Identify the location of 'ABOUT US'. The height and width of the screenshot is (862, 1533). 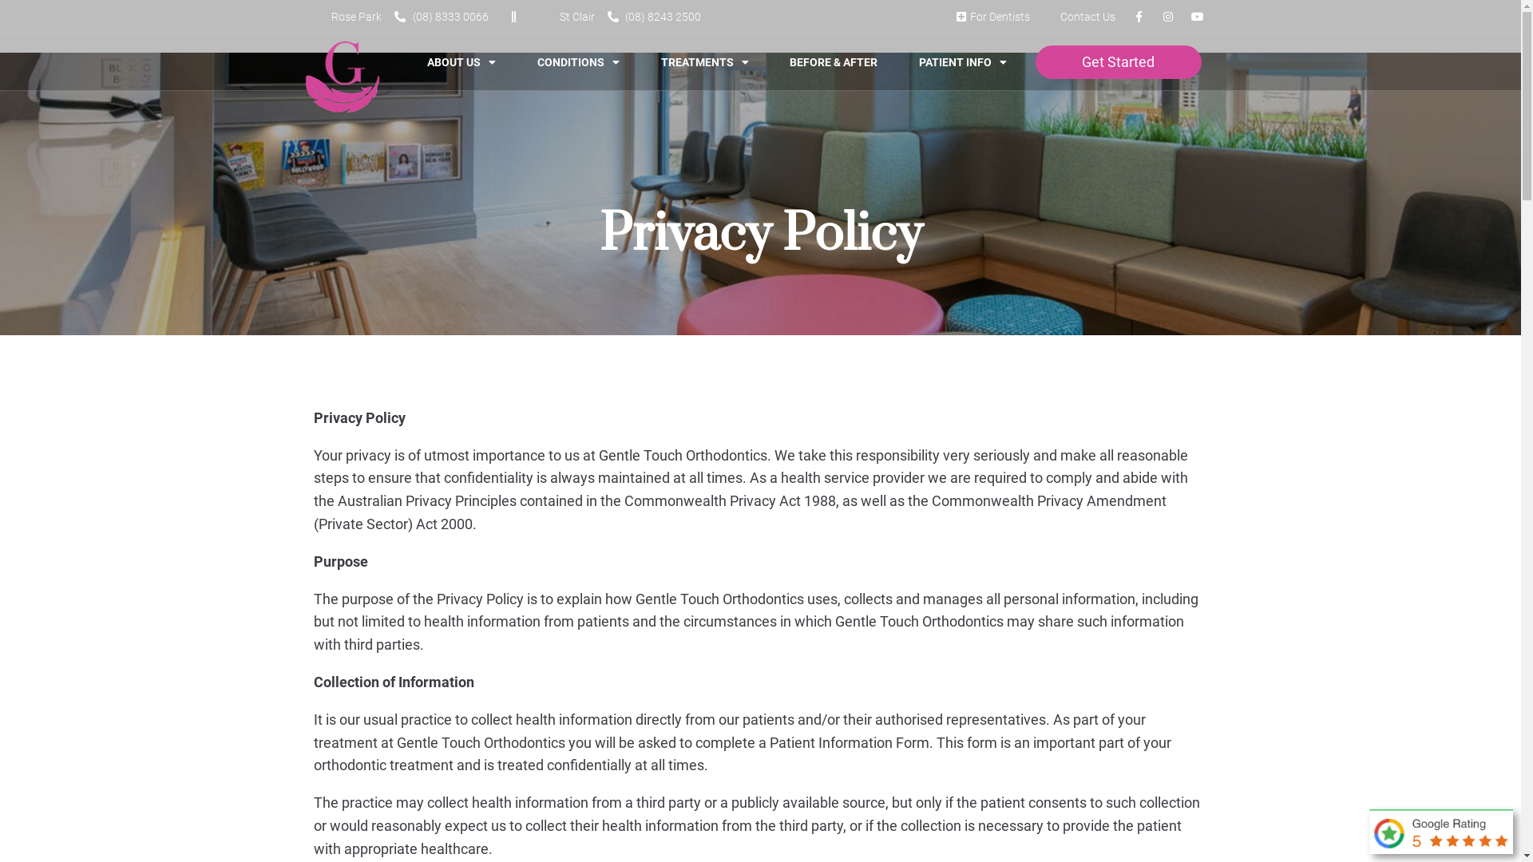
(460, 61).